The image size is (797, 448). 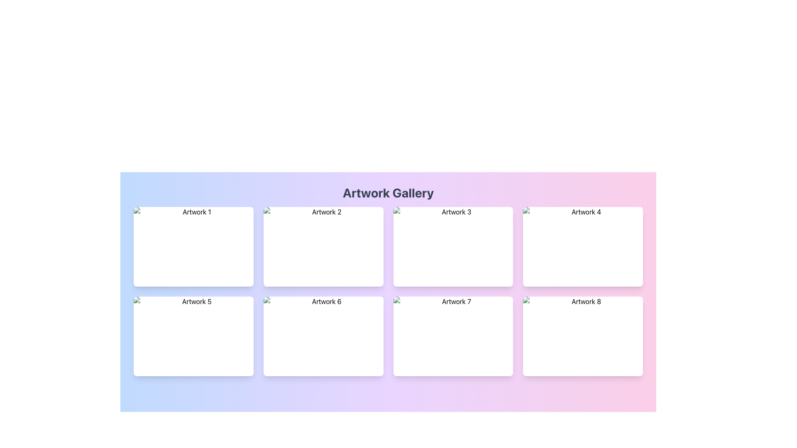 What do you see at coordinates (388, 193) in the screenshot?
I see `the text heading that reads 'Artwork Gallery', which is prominently styled in bold and centered at the top of the main content area` at bounding box center [388, 193].